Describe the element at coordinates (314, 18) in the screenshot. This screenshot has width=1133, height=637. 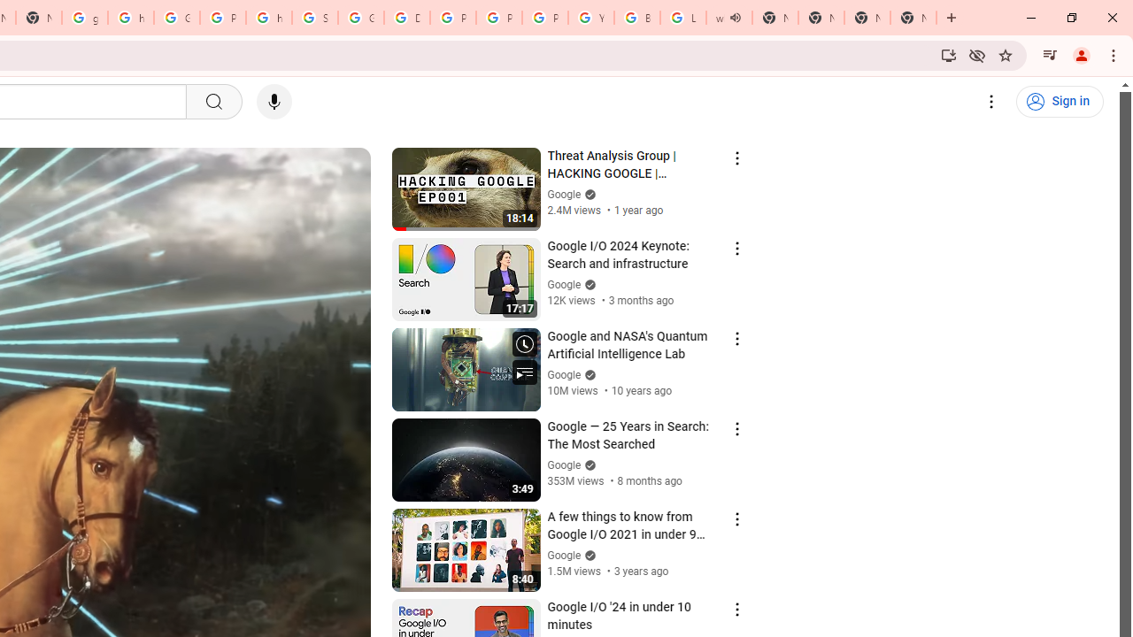
I see `'Sign in - Google Accounts'` at that location.